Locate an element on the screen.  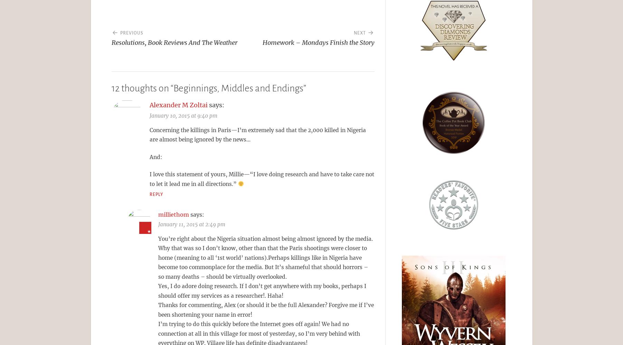
'Homework – Mondays Finish the Story' is located at coordinates (262, 42).